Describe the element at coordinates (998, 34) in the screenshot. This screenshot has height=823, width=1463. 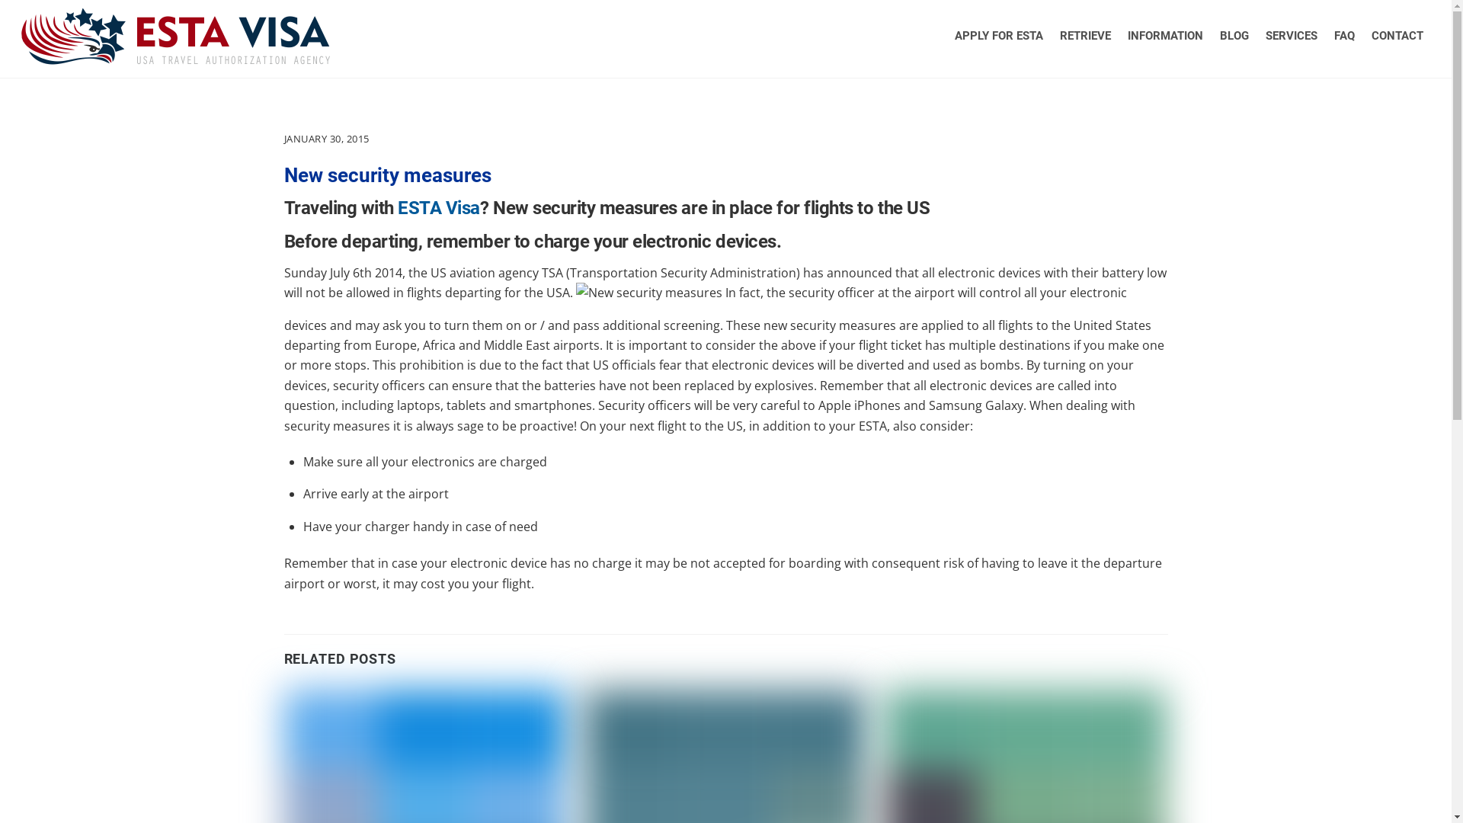
I see `'APPLY FOR ESTA'` at that location.